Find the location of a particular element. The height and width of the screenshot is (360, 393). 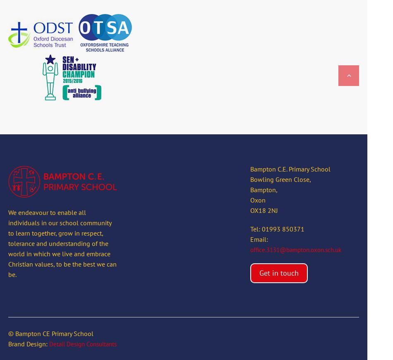

'Get in touch' is located at coordinates (278, 272).